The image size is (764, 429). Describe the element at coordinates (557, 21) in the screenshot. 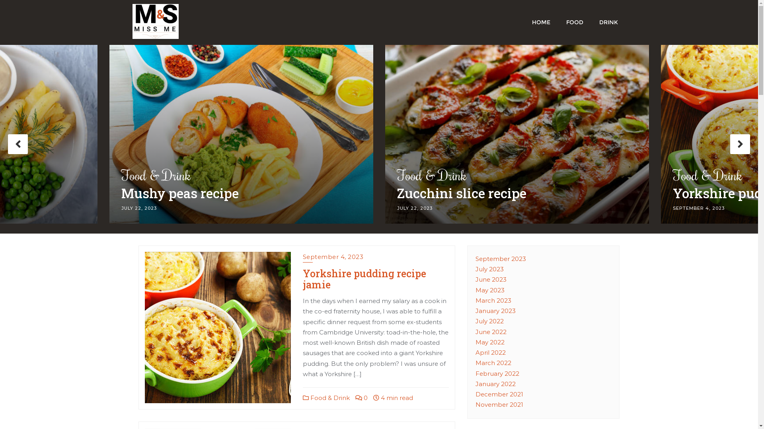

I see `'FOOD'` at that location.